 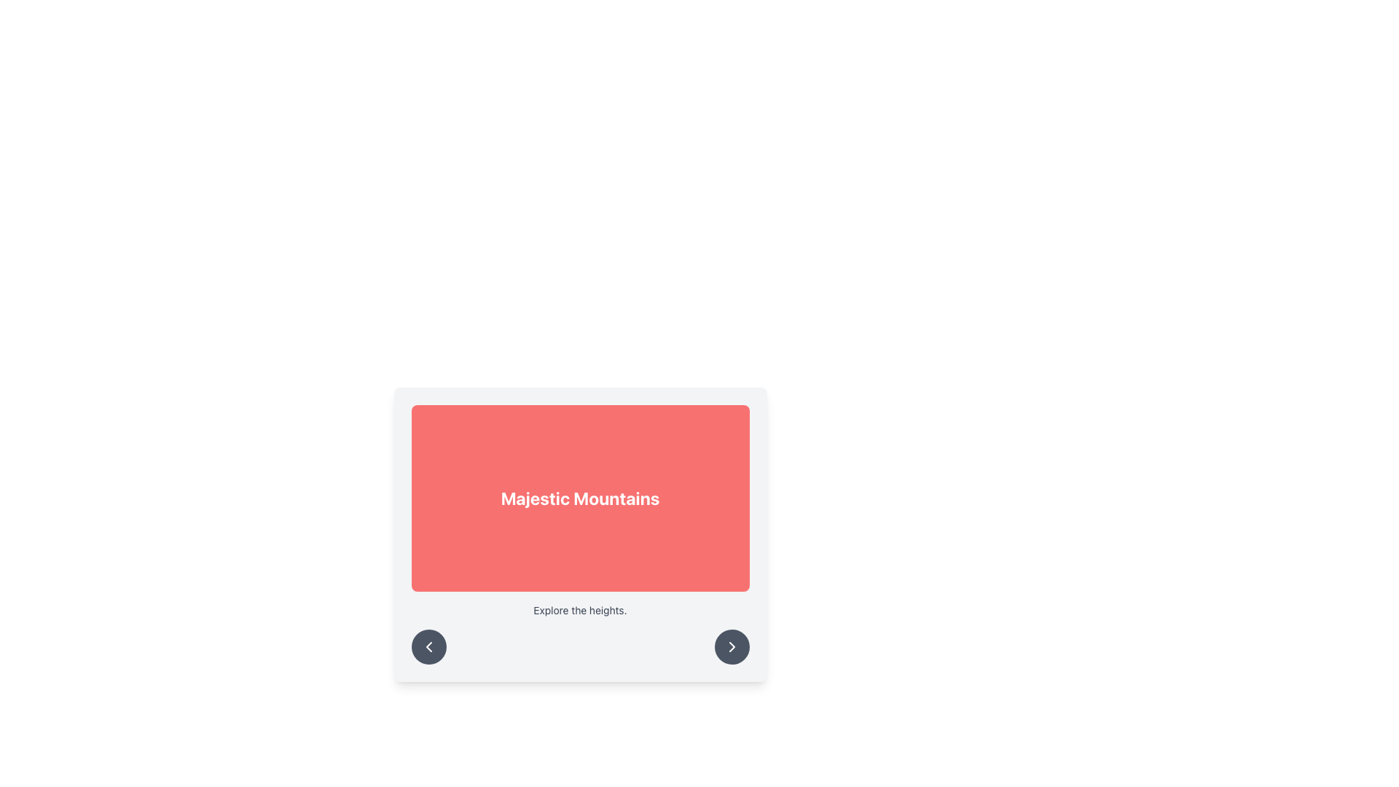 I want to click on the navigation icon located within the circular button at the bottom-right corner of the application interface, so click(x=732, y=646).